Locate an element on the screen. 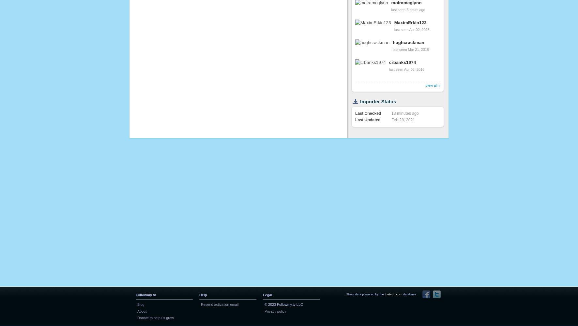  'last seen Mar 21, 2018' is located at coordinates (411, 49).